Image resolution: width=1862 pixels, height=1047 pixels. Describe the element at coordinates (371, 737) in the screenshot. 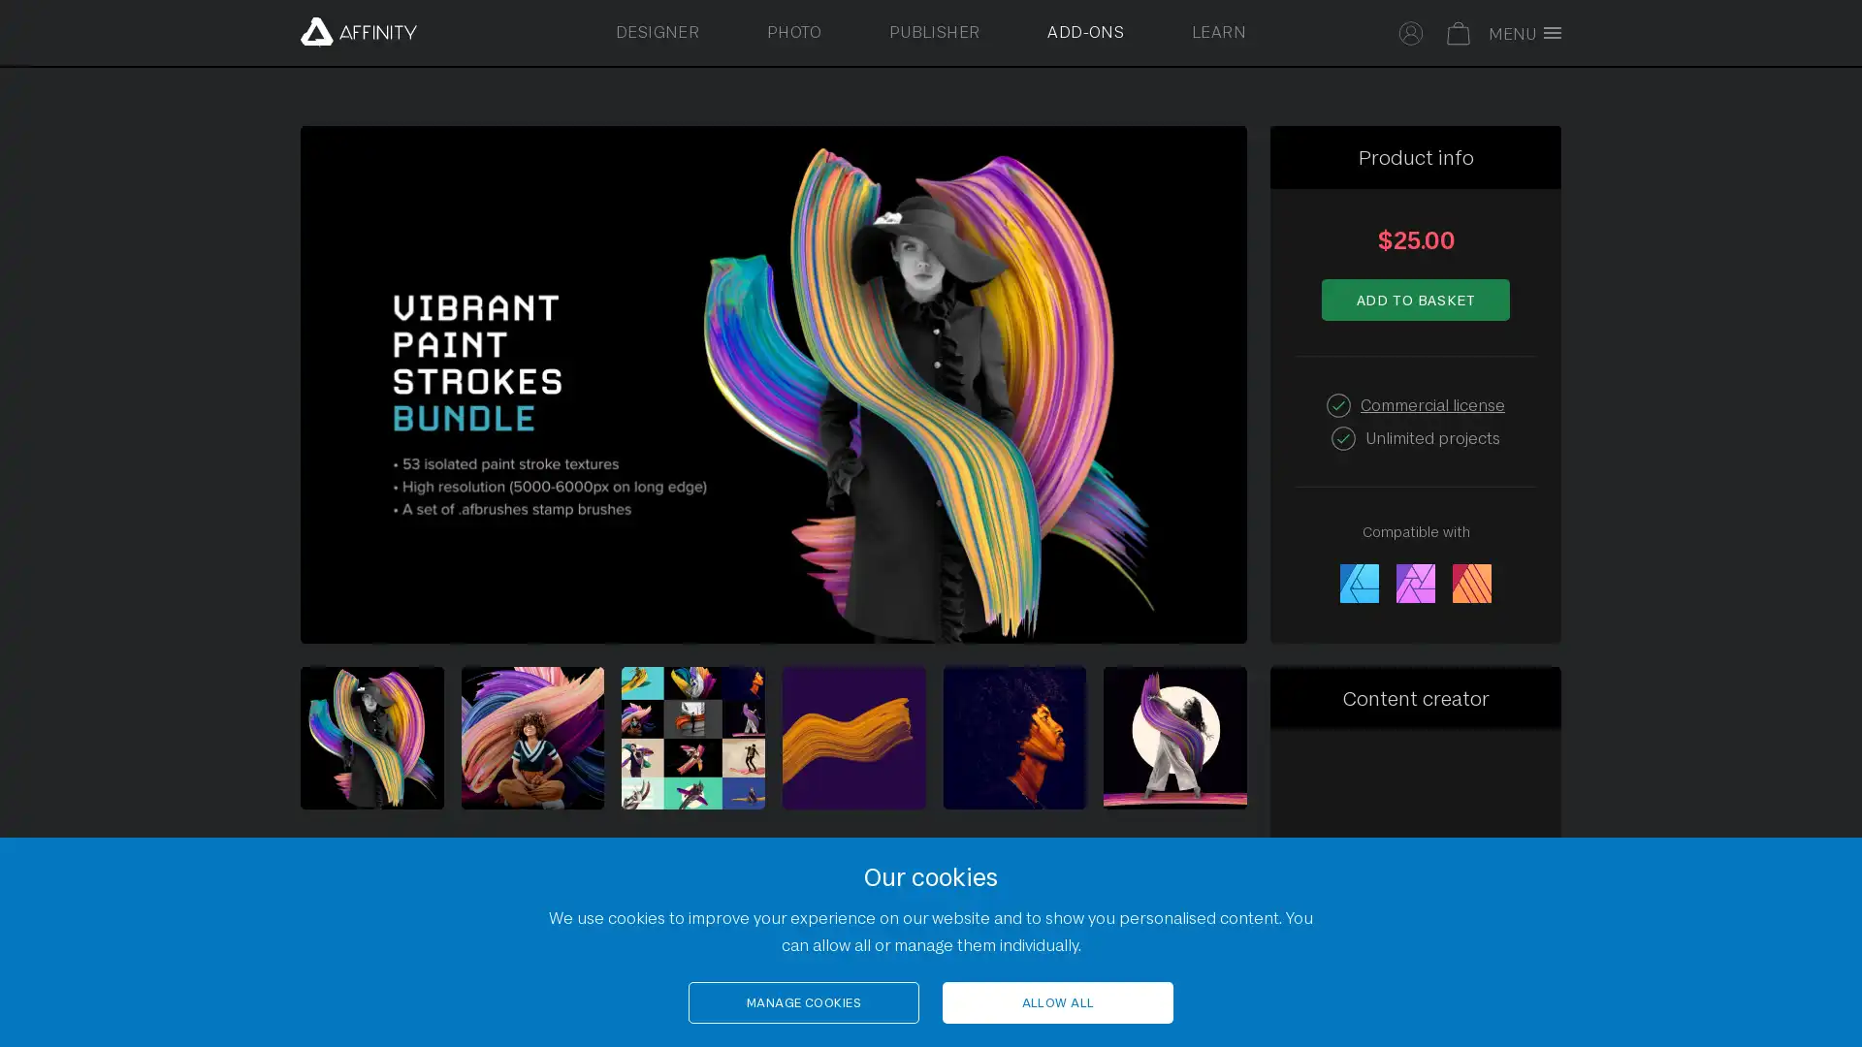

I see `Gallery of Vibrant Paint Strokes Bundle by Chroma Supply sample images. Select to view image 1.` at that location.